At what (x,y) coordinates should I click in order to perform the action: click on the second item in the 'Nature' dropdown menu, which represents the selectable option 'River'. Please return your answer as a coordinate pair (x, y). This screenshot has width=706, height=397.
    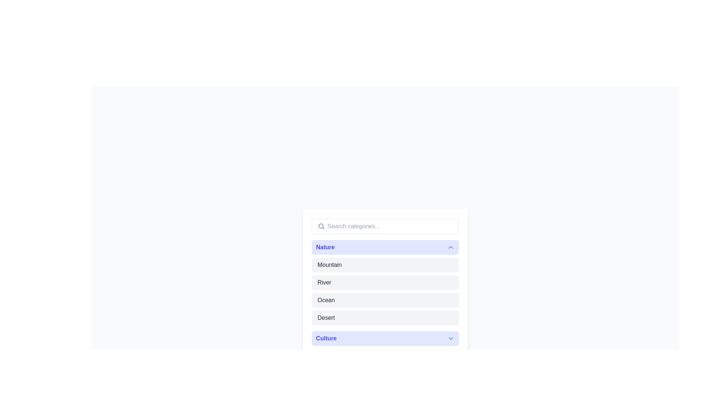
    Looking at the image, I should click on (385, 282).